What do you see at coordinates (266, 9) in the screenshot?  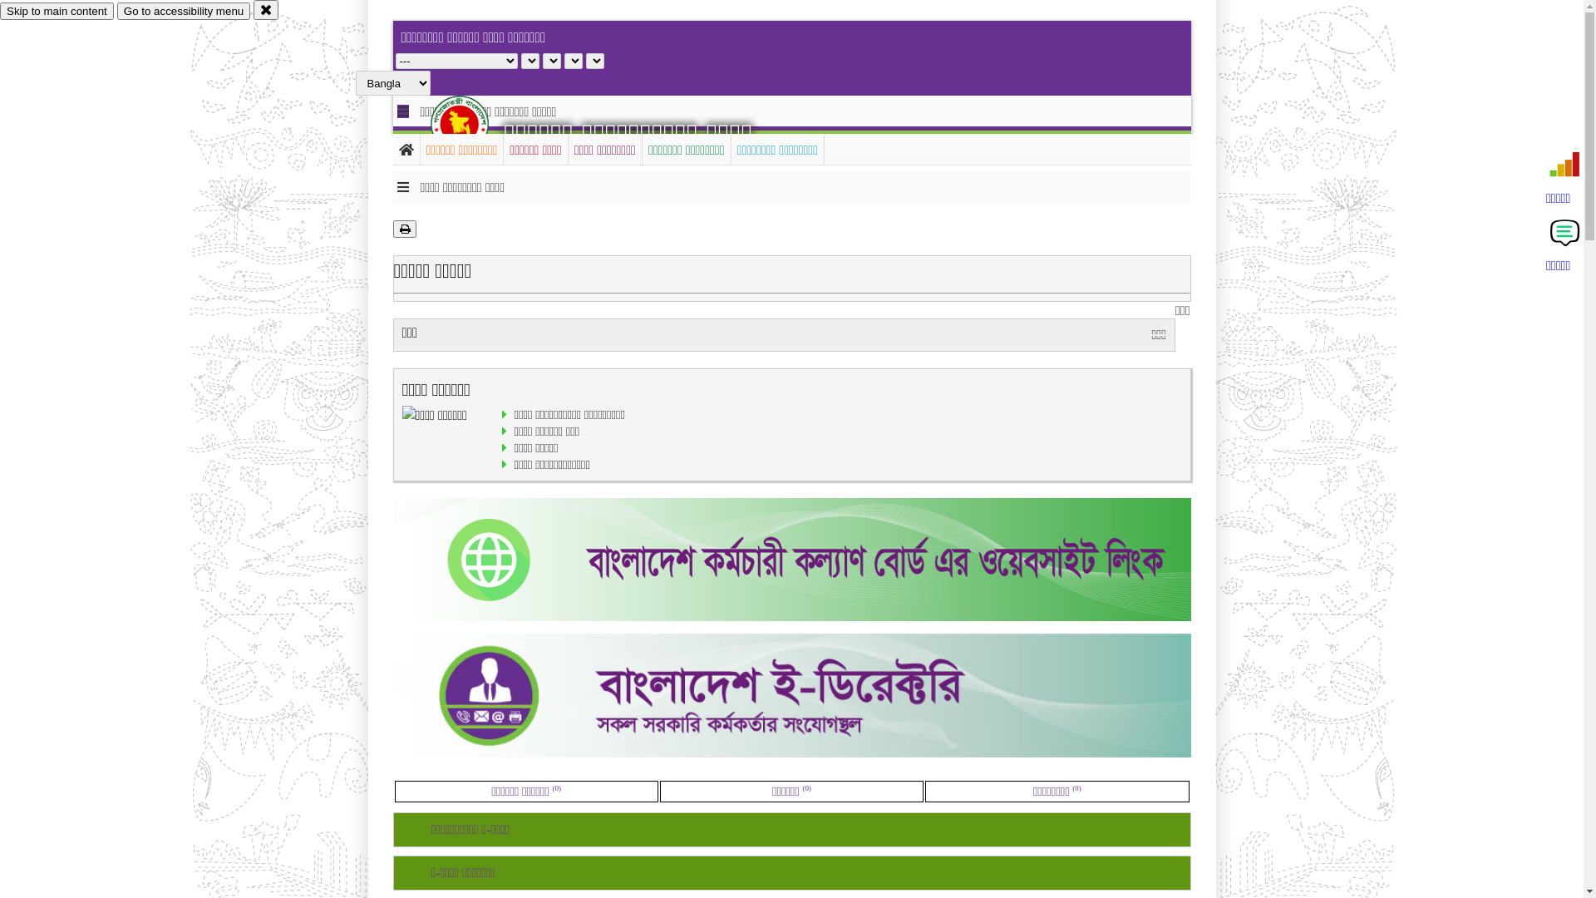 I see `'close'` at bounding box center [266, 9].